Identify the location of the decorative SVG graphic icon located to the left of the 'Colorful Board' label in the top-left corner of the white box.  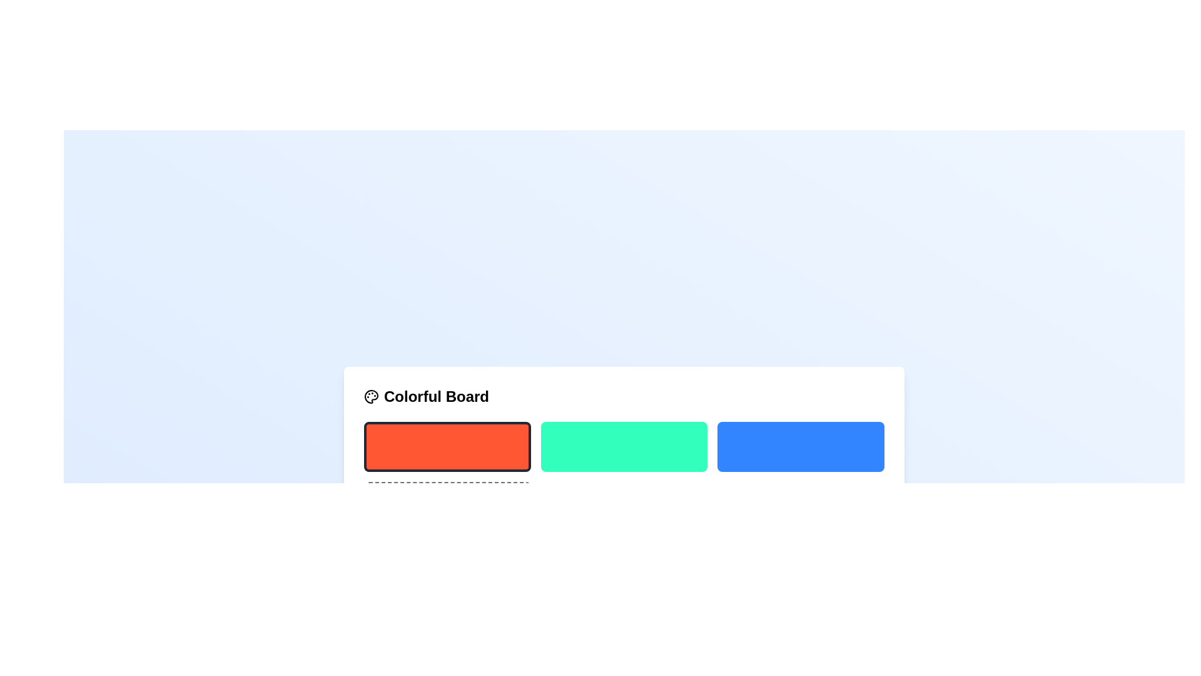
(371, 396).